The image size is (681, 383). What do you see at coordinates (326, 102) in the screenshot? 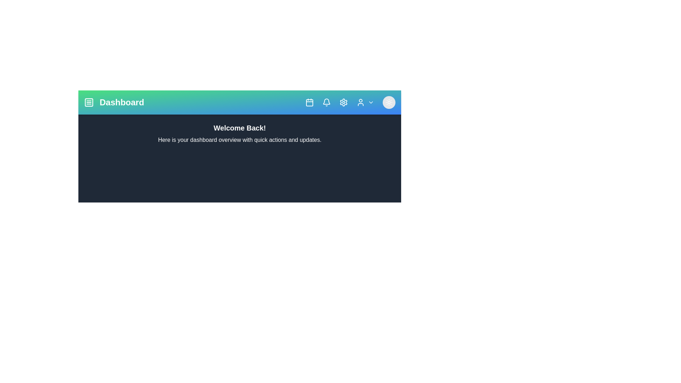
I see `the notification bell icon` at bounding box center [326, 102].